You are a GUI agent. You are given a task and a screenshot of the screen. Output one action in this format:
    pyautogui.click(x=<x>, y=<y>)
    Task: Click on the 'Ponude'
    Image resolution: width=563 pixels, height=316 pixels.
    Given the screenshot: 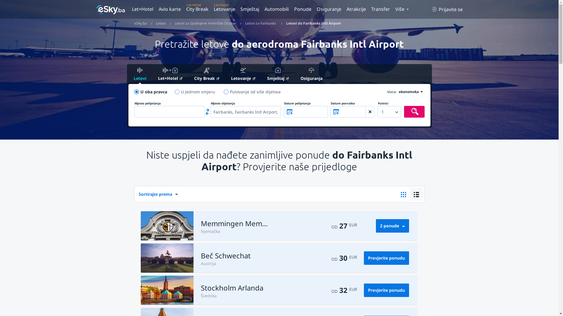 What is the action you would take?
    pyautogui.click(x=303, y=9)
    